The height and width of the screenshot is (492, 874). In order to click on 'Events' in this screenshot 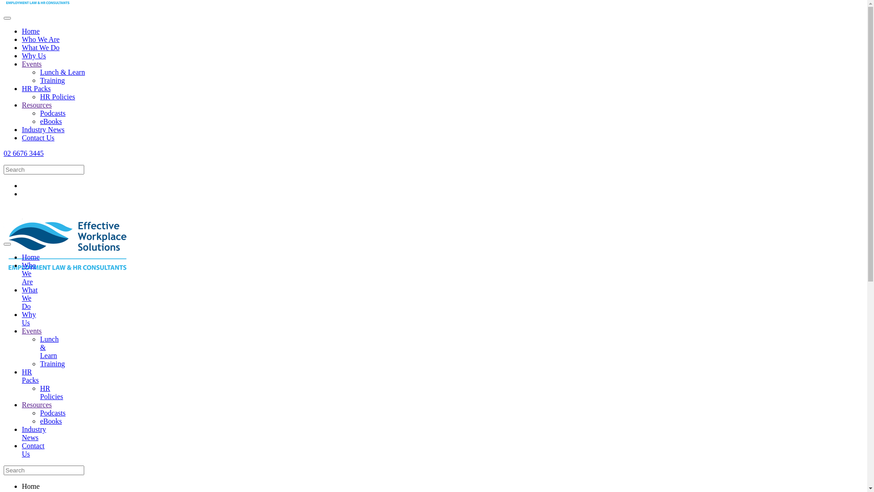, I will do `click(32, 63)`.